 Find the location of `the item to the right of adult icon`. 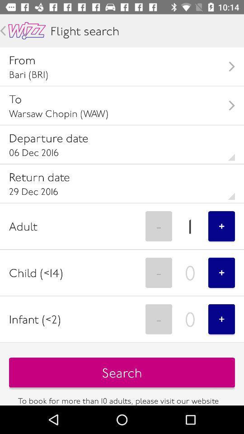

the item to the right of adult icon is located at coordinates (158, 226).